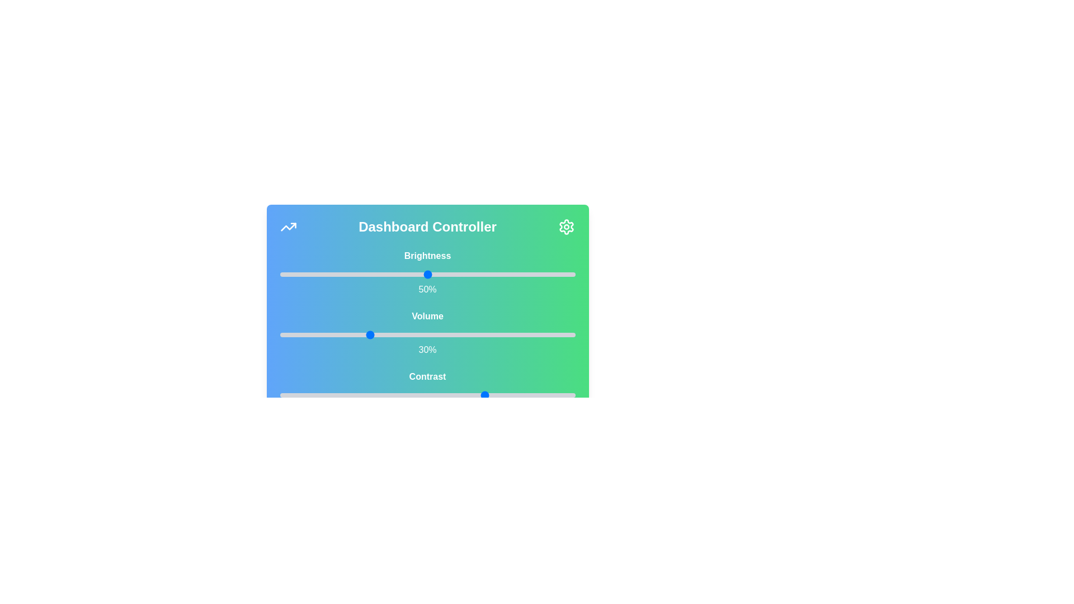 This screenshot has height=604, width=1074. Describe the element at coordinates (430, 394) in the screenshot. I see `the contrast slider to 51%` at that location.